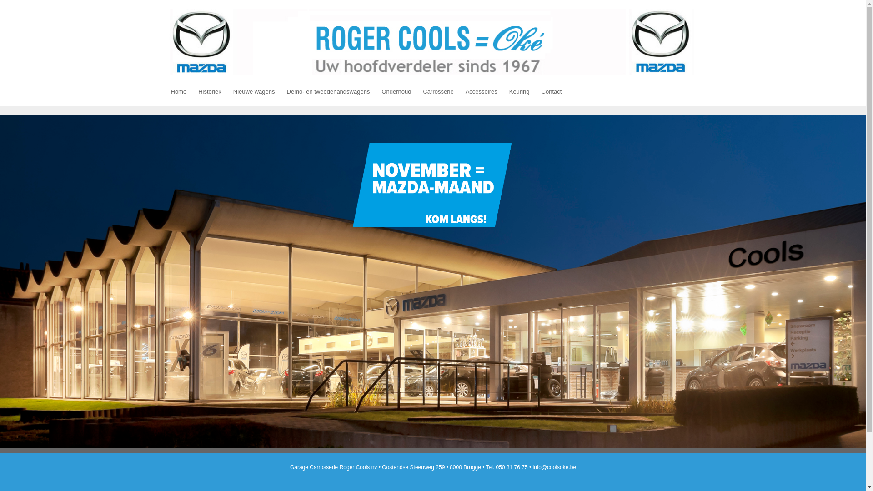 The height and width of the screenshot is (491, 873). What do you see at coordinates (227, 92) in the screenshot?
I see `'Nieuwe wagens'` at bounding box center [227, 92].